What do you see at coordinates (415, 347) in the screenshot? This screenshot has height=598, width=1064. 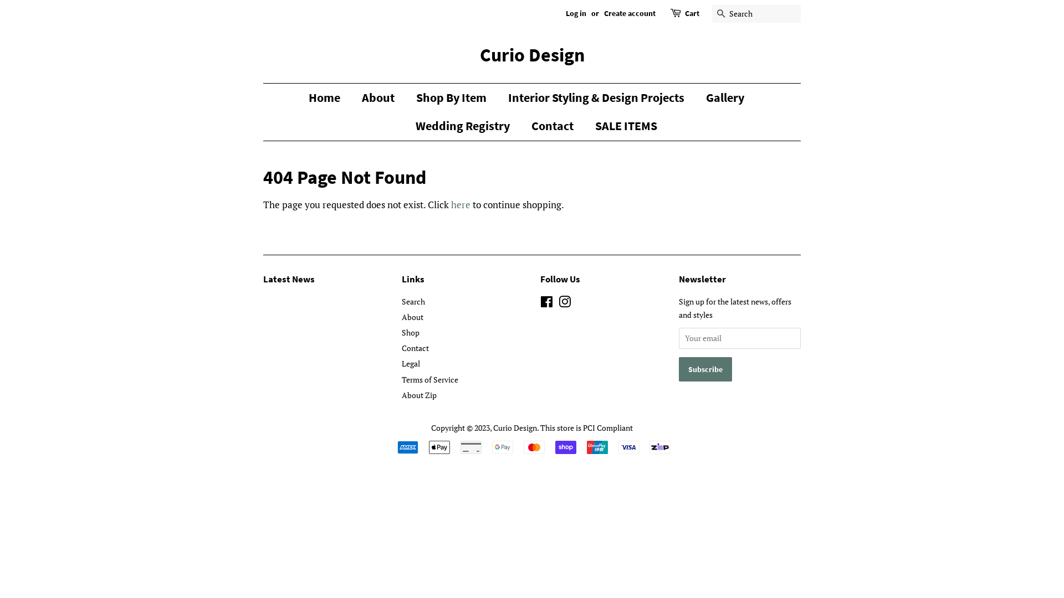 I see `'Contact'` at bounding box center [415, 347].